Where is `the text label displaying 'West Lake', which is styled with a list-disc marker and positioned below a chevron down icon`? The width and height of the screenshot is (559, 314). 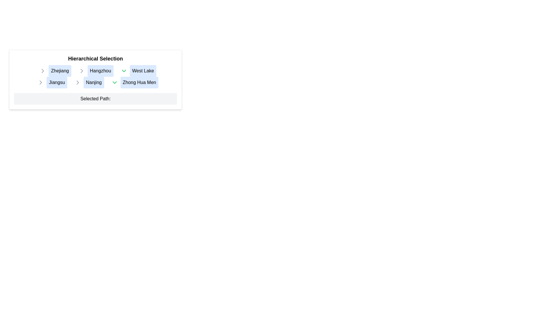
the text label displaying 'West Lake', which is styled with a list-disc marker and positioned below a chevron down icon is located at coordinates (136, 70).